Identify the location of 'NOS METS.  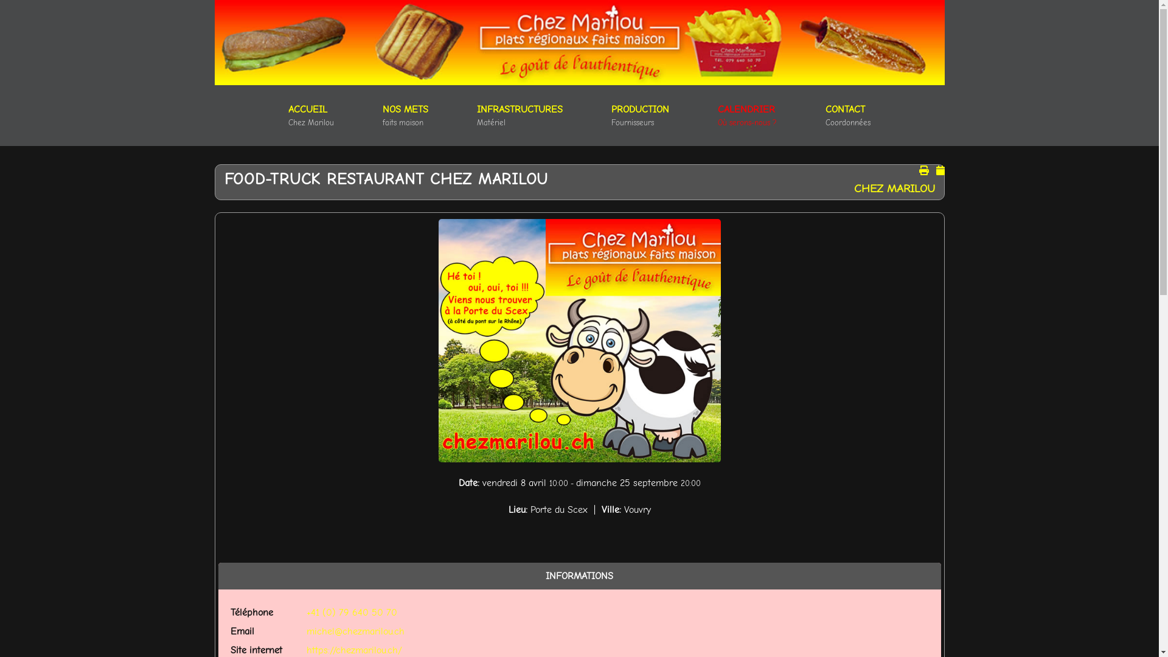
(405, 115).